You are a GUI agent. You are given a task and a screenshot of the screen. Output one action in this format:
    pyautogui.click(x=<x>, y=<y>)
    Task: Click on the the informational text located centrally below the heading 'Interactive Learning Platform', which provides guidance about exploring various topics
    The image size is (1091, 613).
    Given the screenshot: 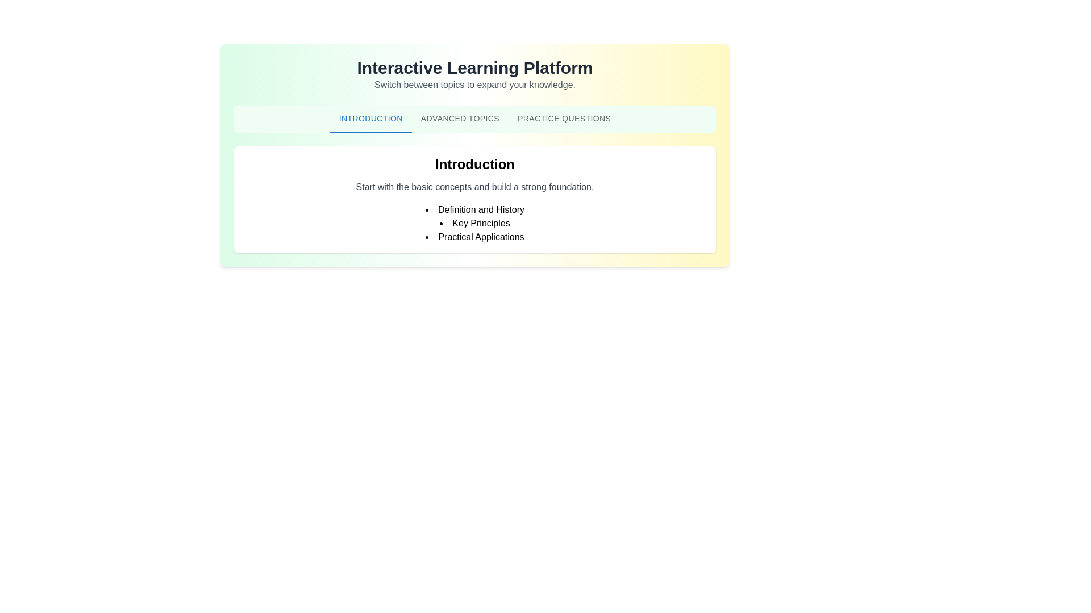 What is the action you would take?
    pyautogui.click(x=474, y=85)
    